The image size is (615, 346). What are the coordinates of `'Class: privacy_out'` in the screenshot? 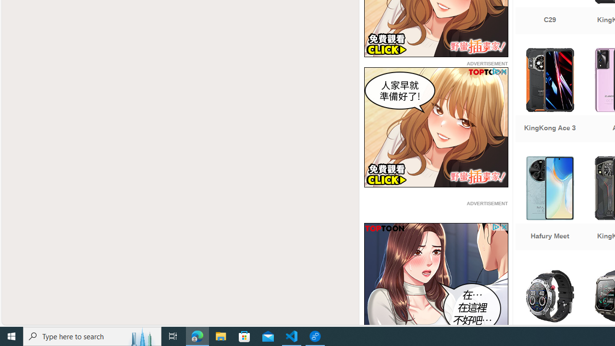 It's located at (495, 227).